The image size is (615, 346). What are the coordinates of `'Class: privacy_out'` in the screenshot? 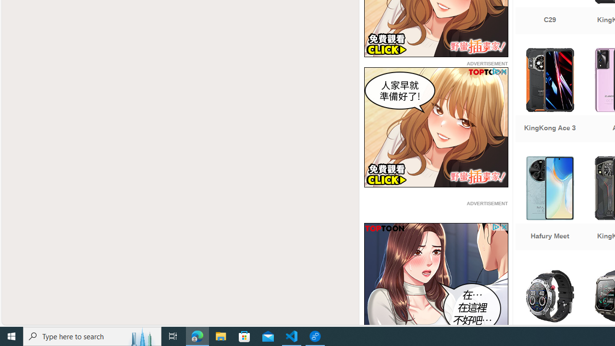 It's located at (495, 227).